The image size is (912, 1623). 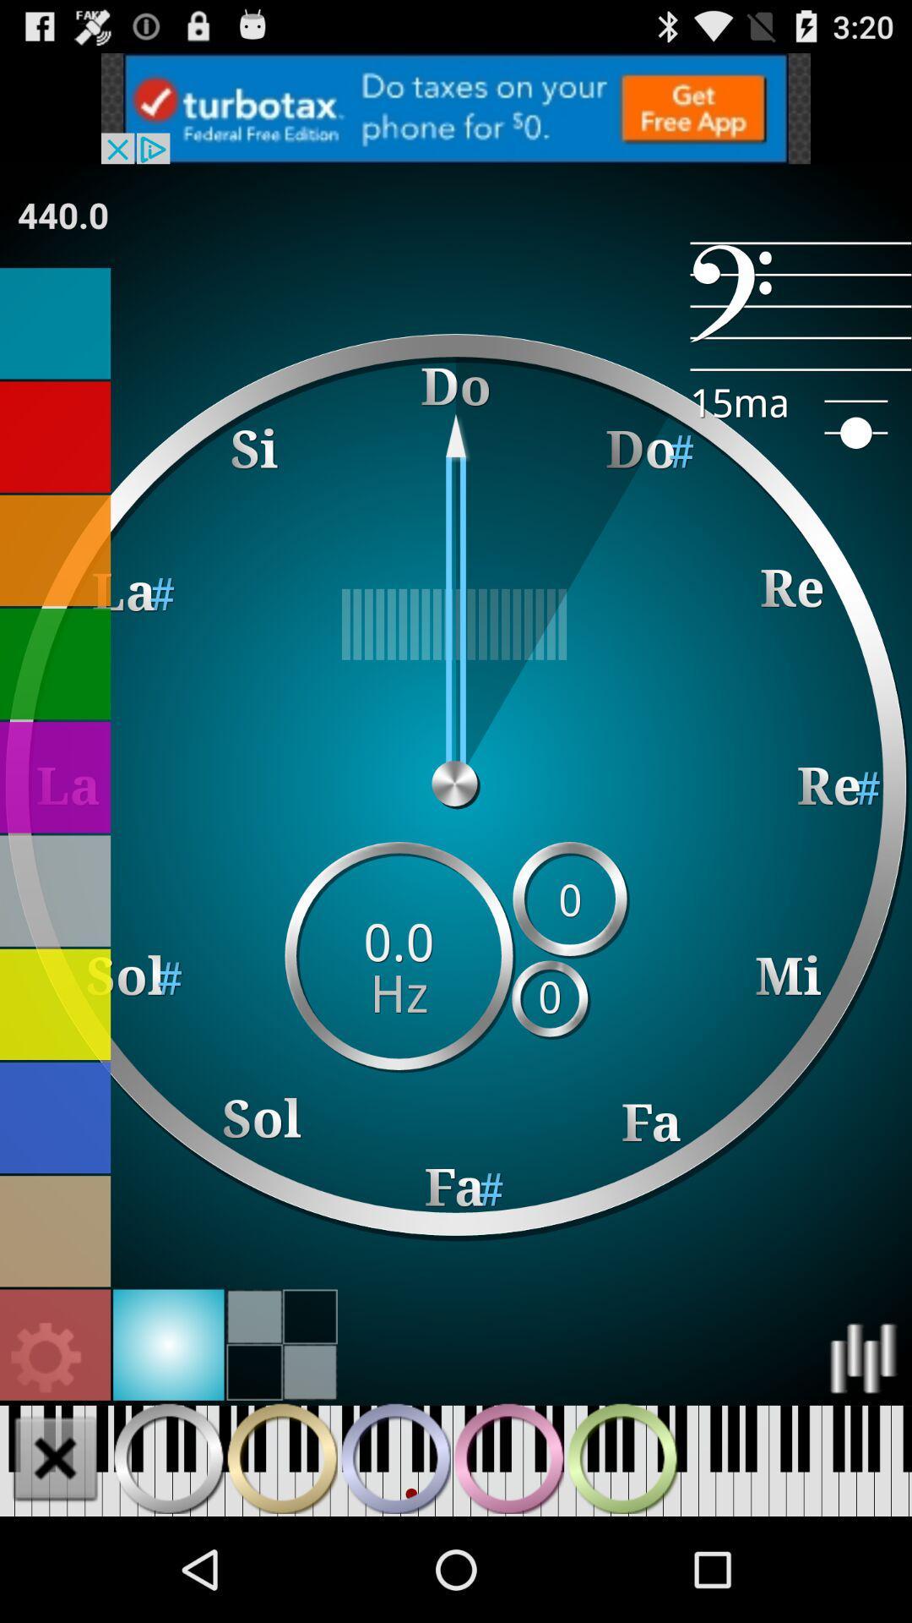 I want to click on eliminates the highlighted section of keys, so click(x=54, y=1457).